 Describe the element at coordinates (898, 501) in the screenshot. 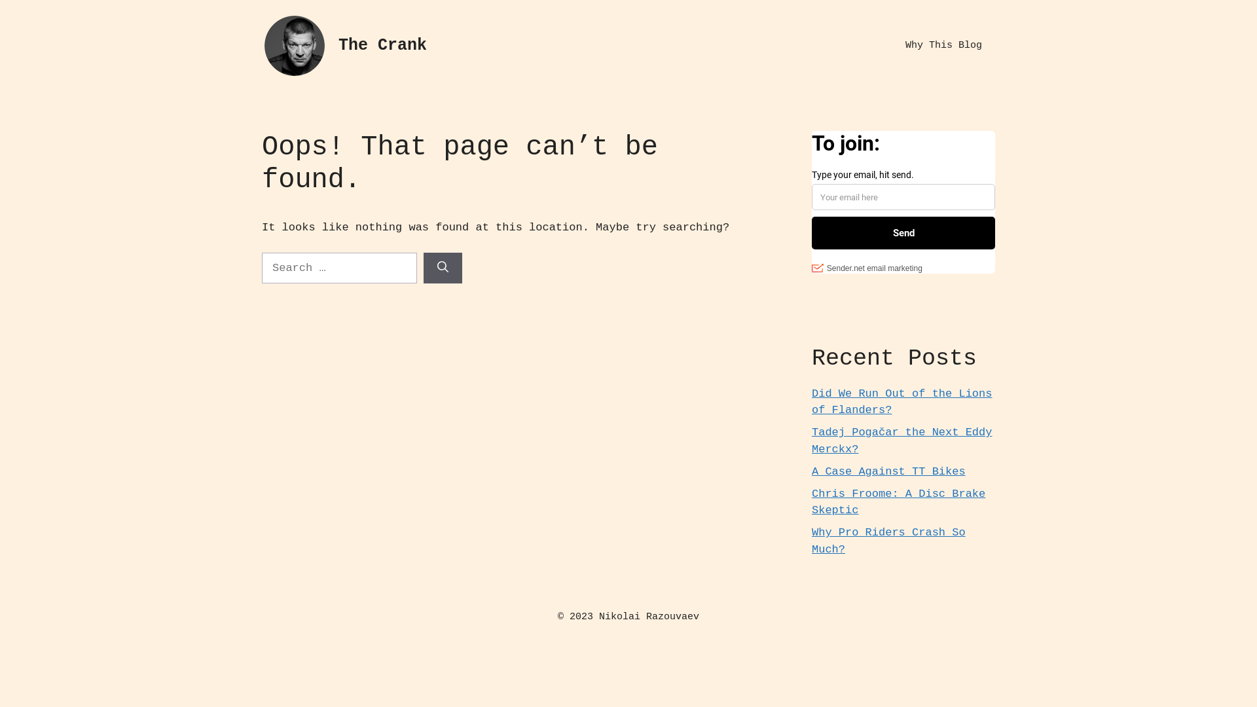

I see `'Chris Froome: A Disc Brake Skeptic'` at that location.